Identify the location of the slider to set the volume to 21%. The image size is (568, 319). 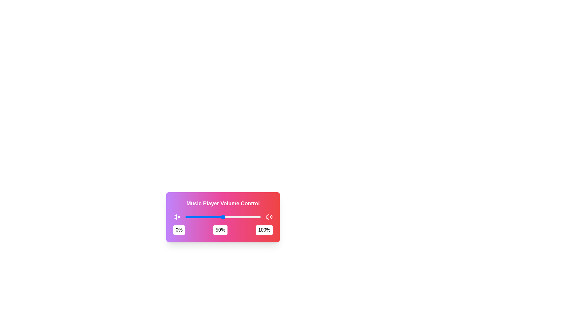
(201, 217).